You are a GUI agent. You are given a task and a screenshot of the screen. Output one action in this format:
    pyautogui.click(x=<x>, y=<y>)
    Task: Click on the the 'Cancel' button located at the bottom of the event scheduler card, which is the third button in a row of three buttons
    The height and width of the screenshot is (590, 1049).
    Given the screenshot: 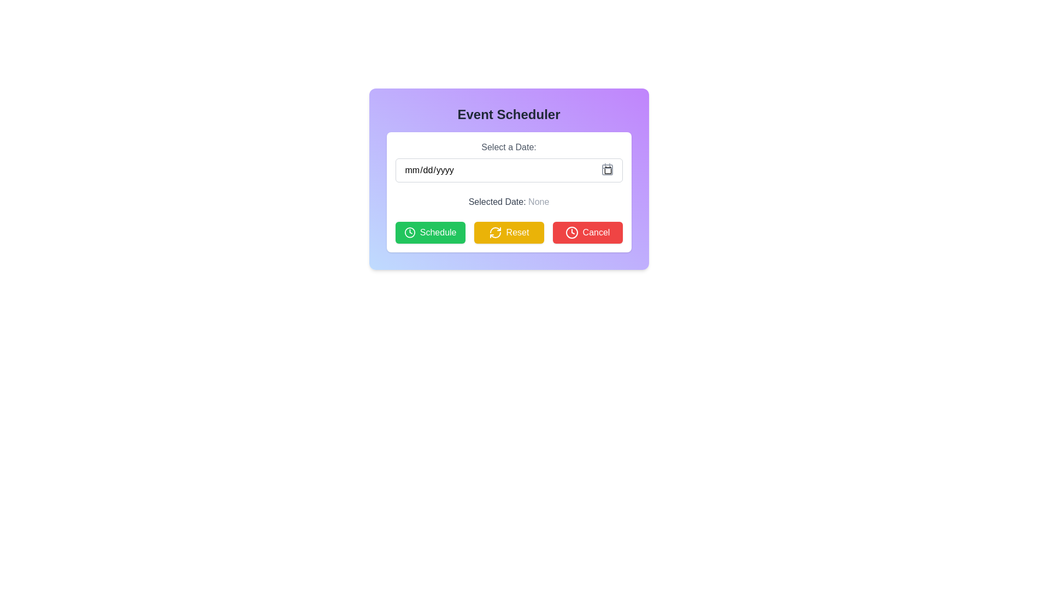 What is the action you would take?
    pyautogui.click(x=587, y=232)
    